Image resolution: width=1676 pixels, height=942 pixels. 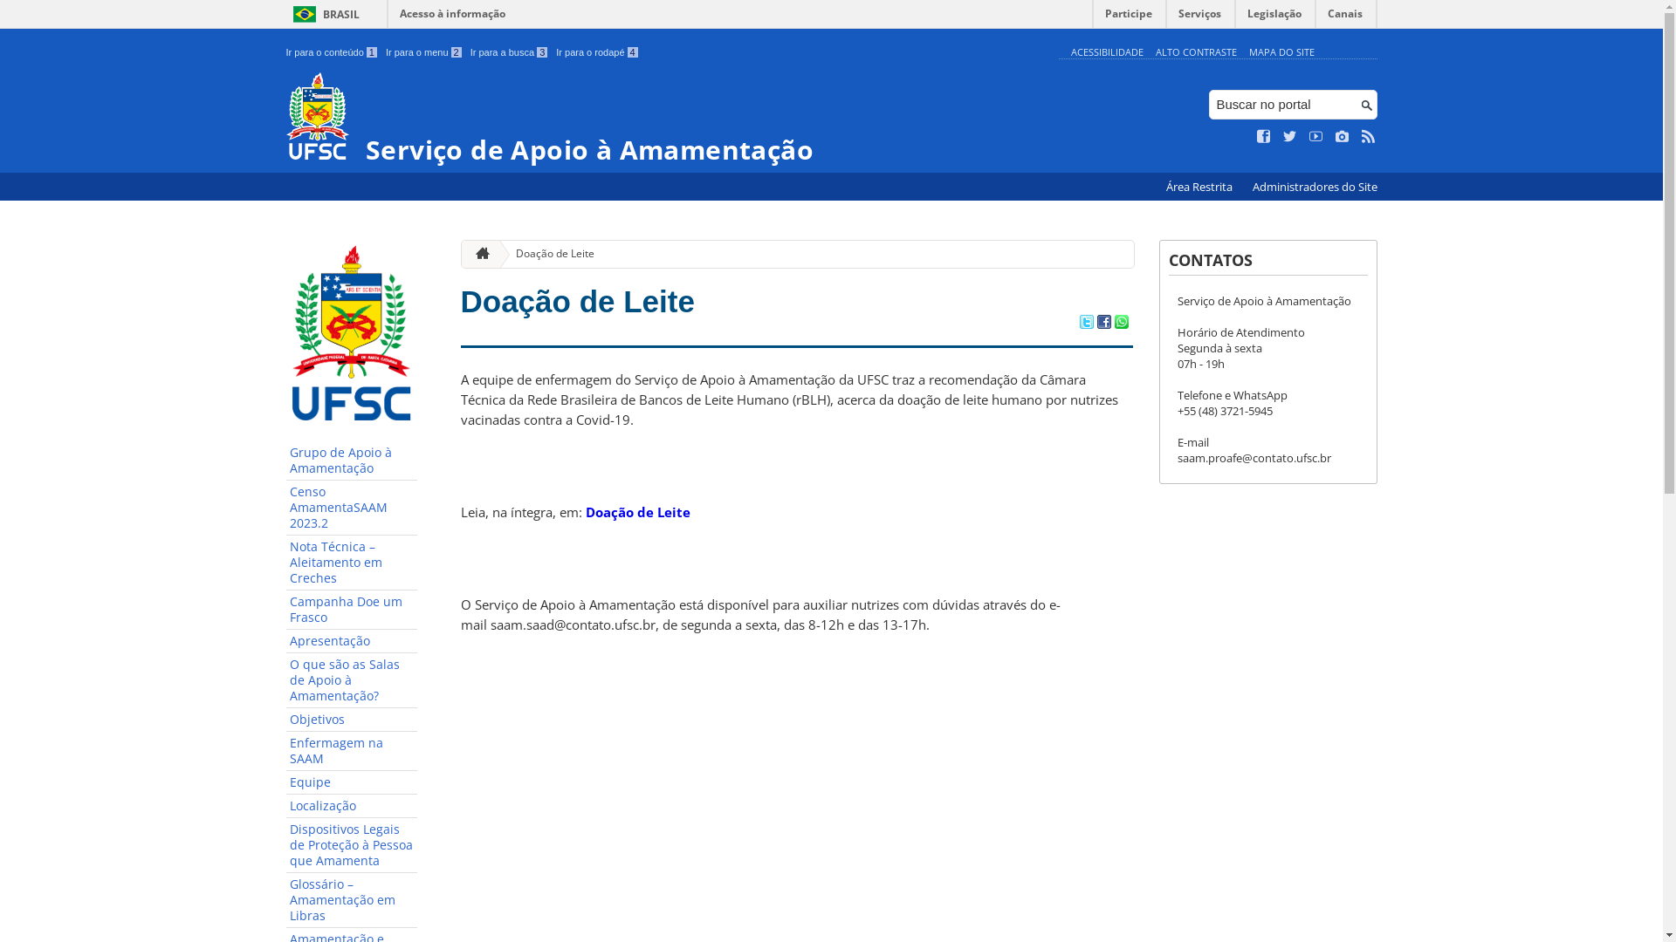 What do you see at coordinates (1195, 51) in the screenshot?
I see `'ALTO CONTRASTE'` at bounding box center [1195, 51].